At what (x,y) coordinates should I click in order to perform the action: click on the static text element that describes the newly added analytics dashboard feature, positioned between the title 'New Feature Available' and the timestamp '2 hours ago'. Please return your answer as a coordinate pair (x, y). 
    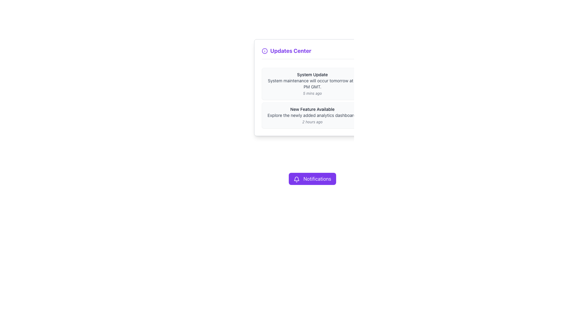
    Looking at the image, I should click on (312, 115).